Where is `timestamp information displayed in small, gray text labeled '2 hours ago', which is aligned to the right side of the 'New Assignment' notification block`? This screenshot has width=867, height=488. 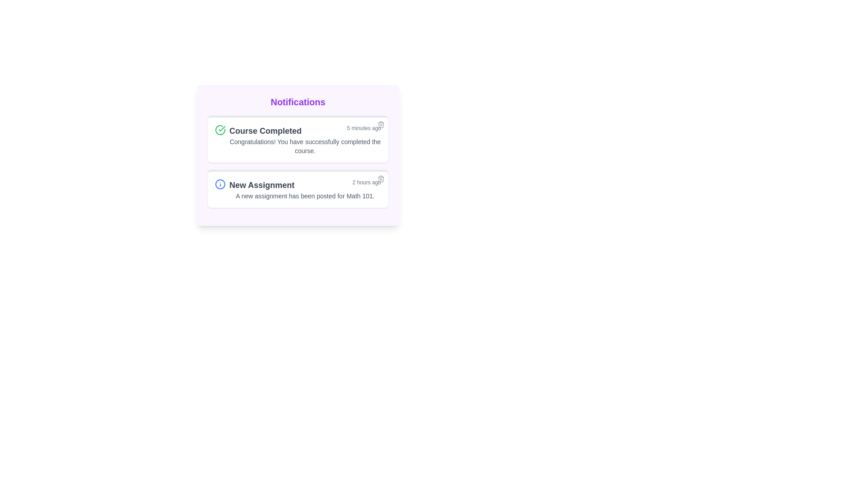
timestamp information displayed in small, gray text labeled '2 hours ago', which is aligned to the right side of the 'New Assignment' notification block is located at coordinates (367, 184).